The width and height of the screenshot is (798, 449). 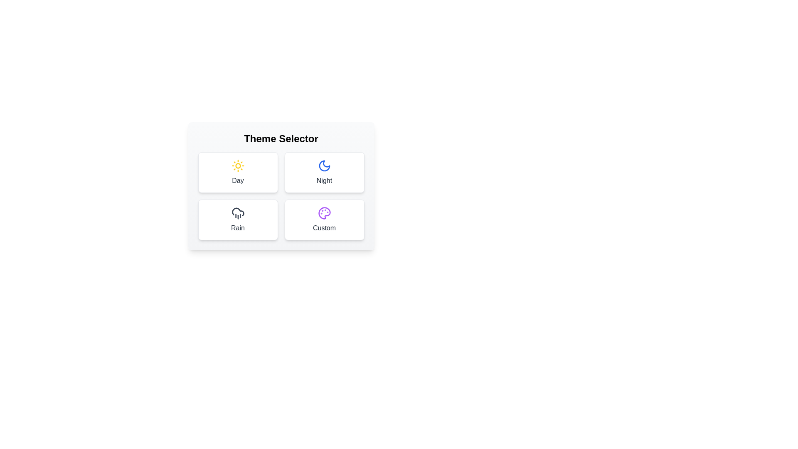 I want to click on the button corresponding to the Custom theme to select it, so click(x=324, y=219).